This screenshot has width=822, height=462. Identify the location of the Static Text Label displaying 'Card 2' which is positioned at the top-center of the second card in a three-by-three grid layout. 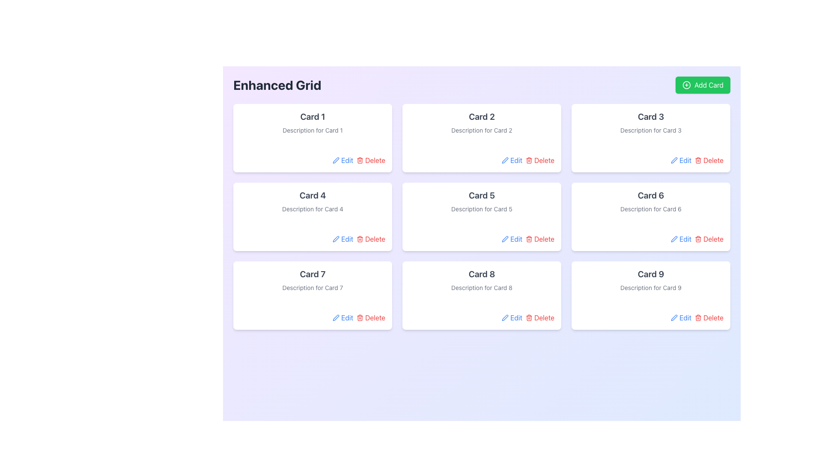
(482, 117).